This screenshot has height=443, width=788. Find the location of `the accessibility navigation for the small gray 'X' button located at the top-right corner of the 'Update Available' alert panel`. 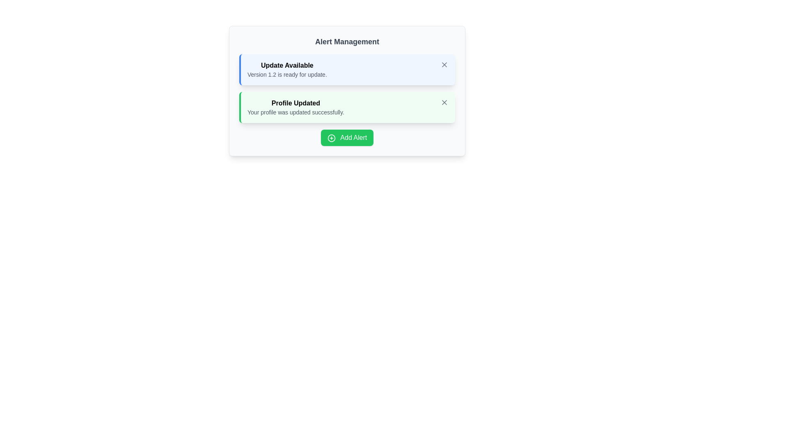

the accessibility navigation for the small gray 'X' button located at the top-right corner of the 'Update Available' alert panel is located at coordinates (444, 64).